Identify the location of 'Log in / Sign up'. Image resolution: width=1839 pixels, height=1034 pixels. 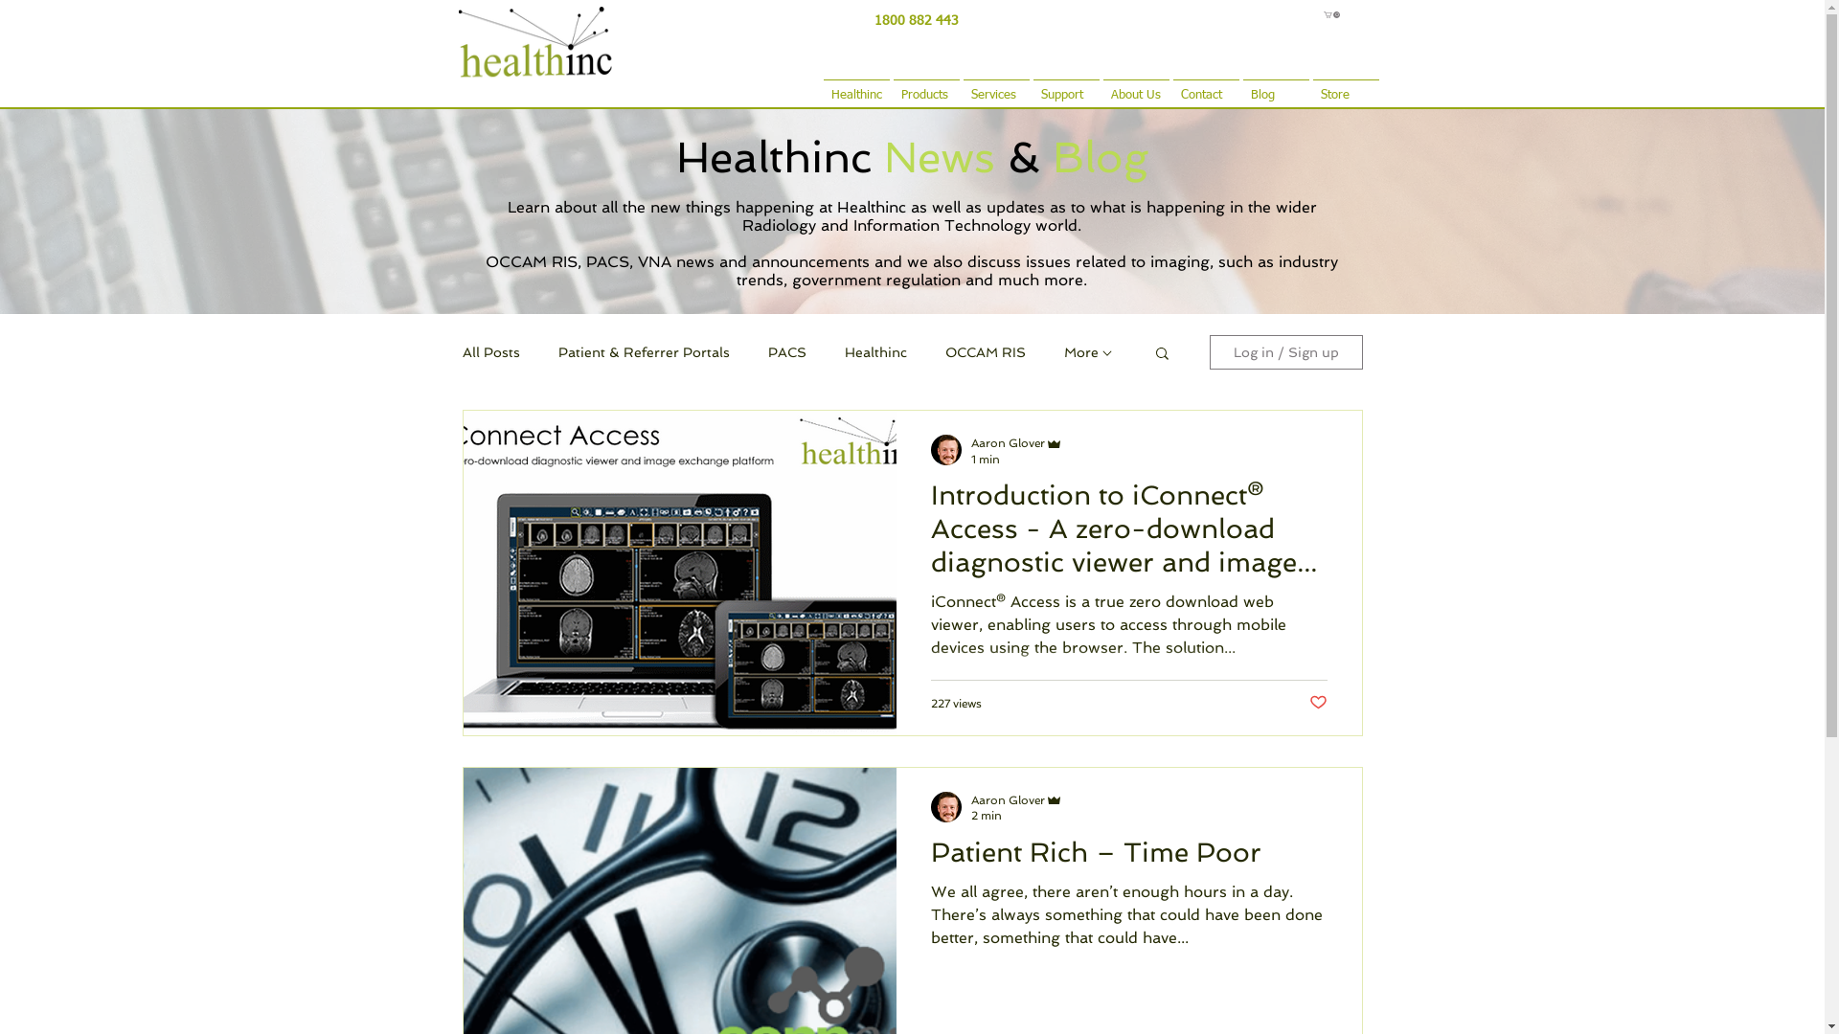
(1285, 351).